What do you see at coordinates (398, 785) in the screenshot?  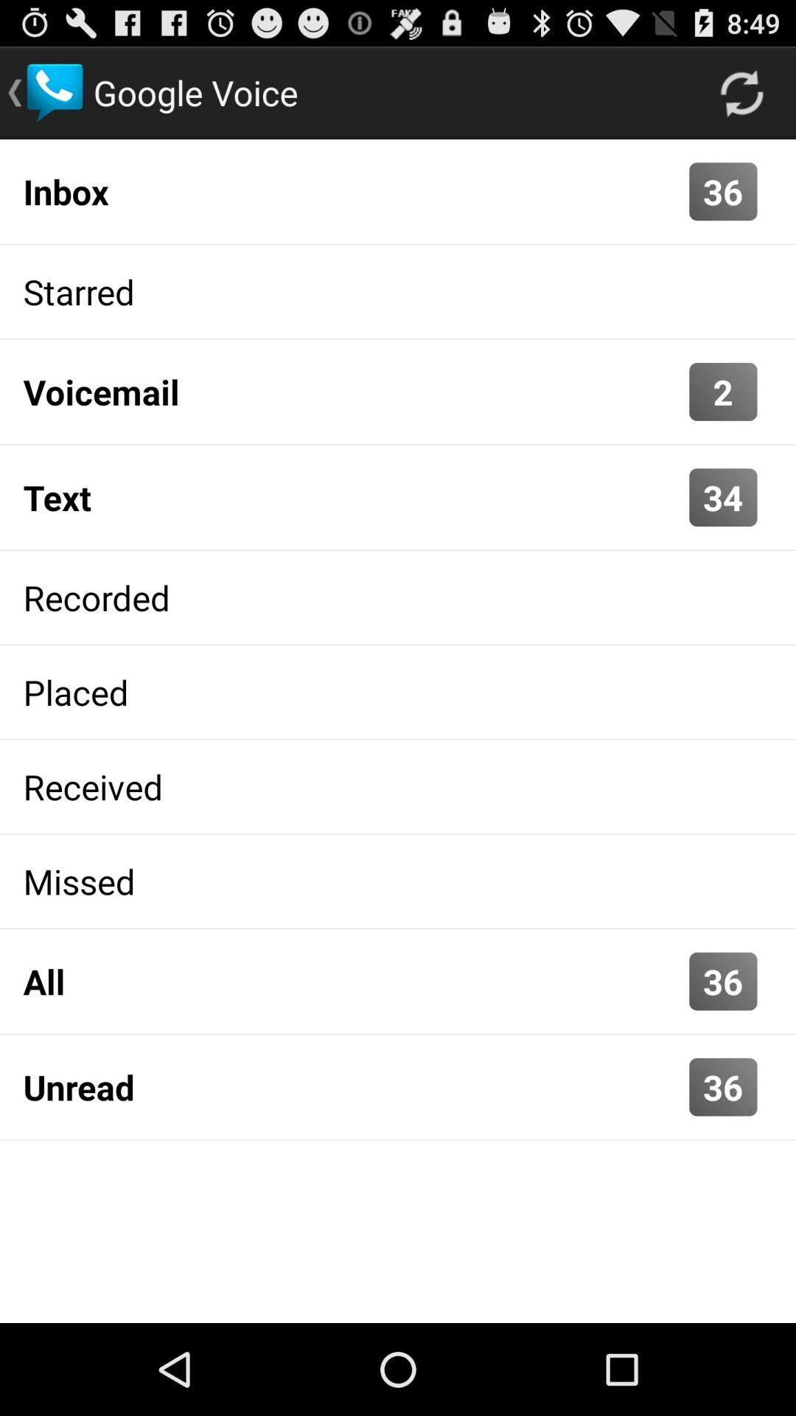 I see `the item above the missed icon` at bounding box center [398, 785].